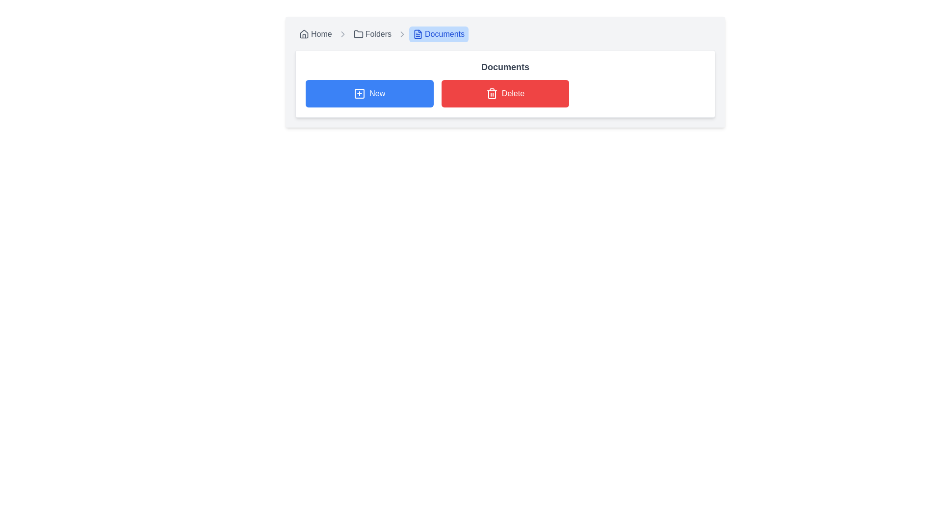  Describe the element at coordinates (303, 33) in the screenshot. I see `the 'Home' icon in the top-left corner of the navigation bar, which typically links to the home page` at that location.